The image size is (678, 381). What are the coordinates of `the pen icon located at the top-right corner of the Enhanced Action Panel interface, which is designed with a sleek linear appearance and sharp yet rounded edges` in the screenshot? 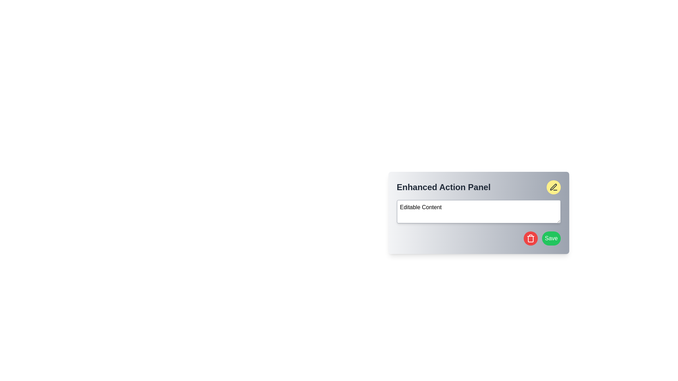 It's located at (553, 187).